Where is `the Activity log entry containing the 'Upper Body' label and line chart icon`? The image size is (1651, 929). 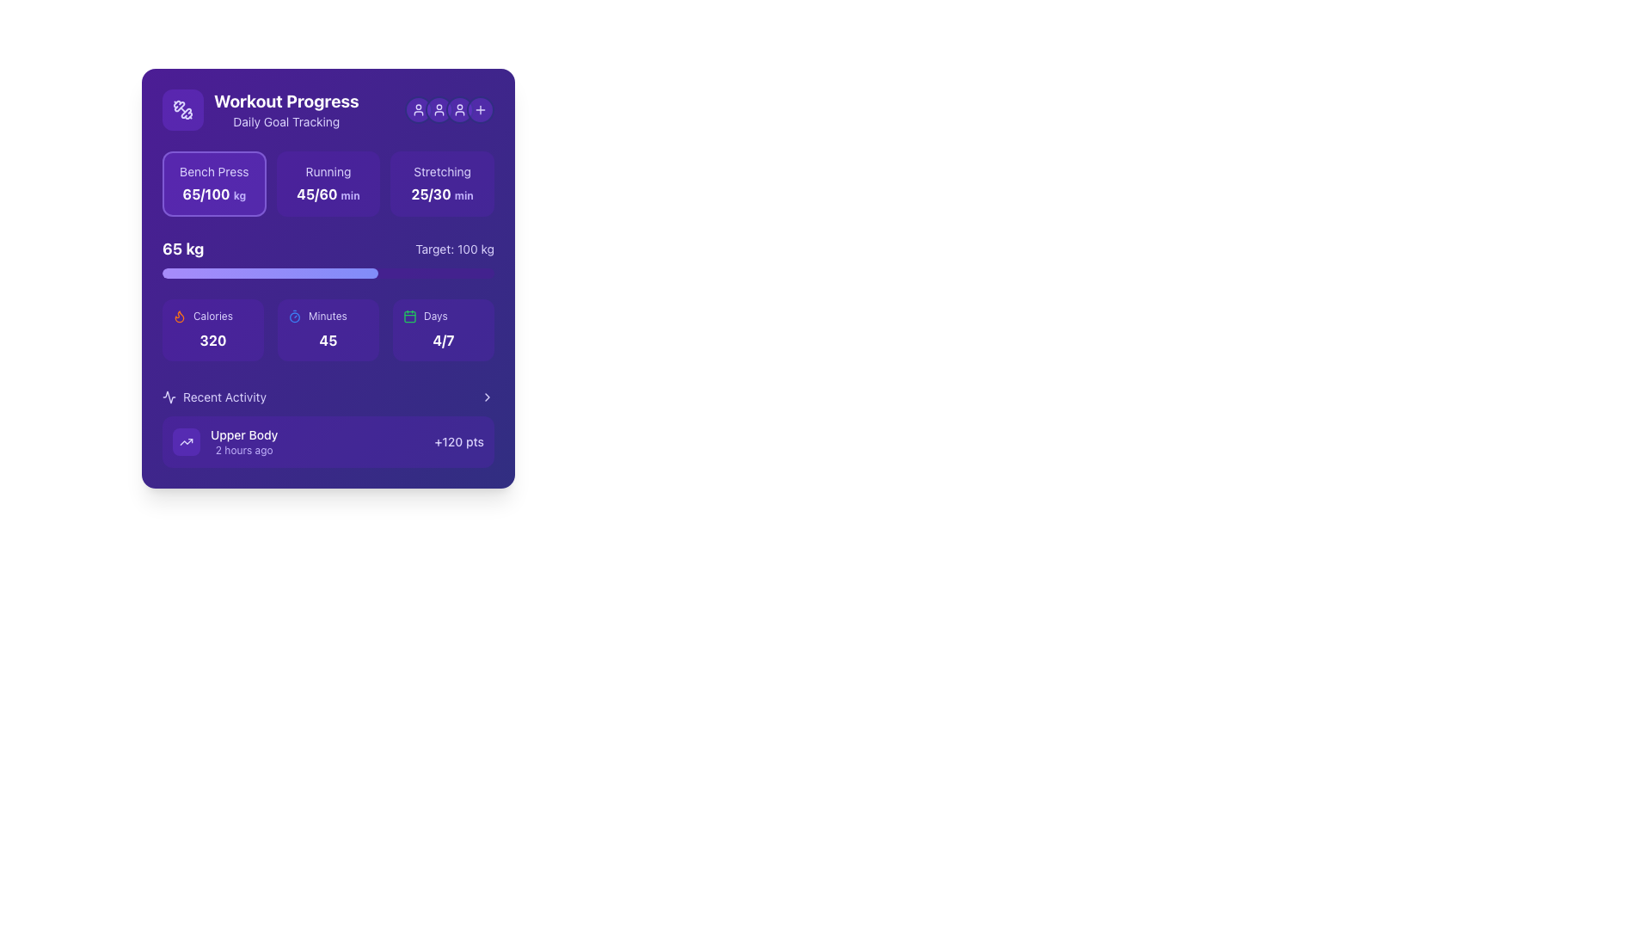
the Activity log entry containing the 'Upper Body' label and line chart icon is located at coordinates (224, 440).